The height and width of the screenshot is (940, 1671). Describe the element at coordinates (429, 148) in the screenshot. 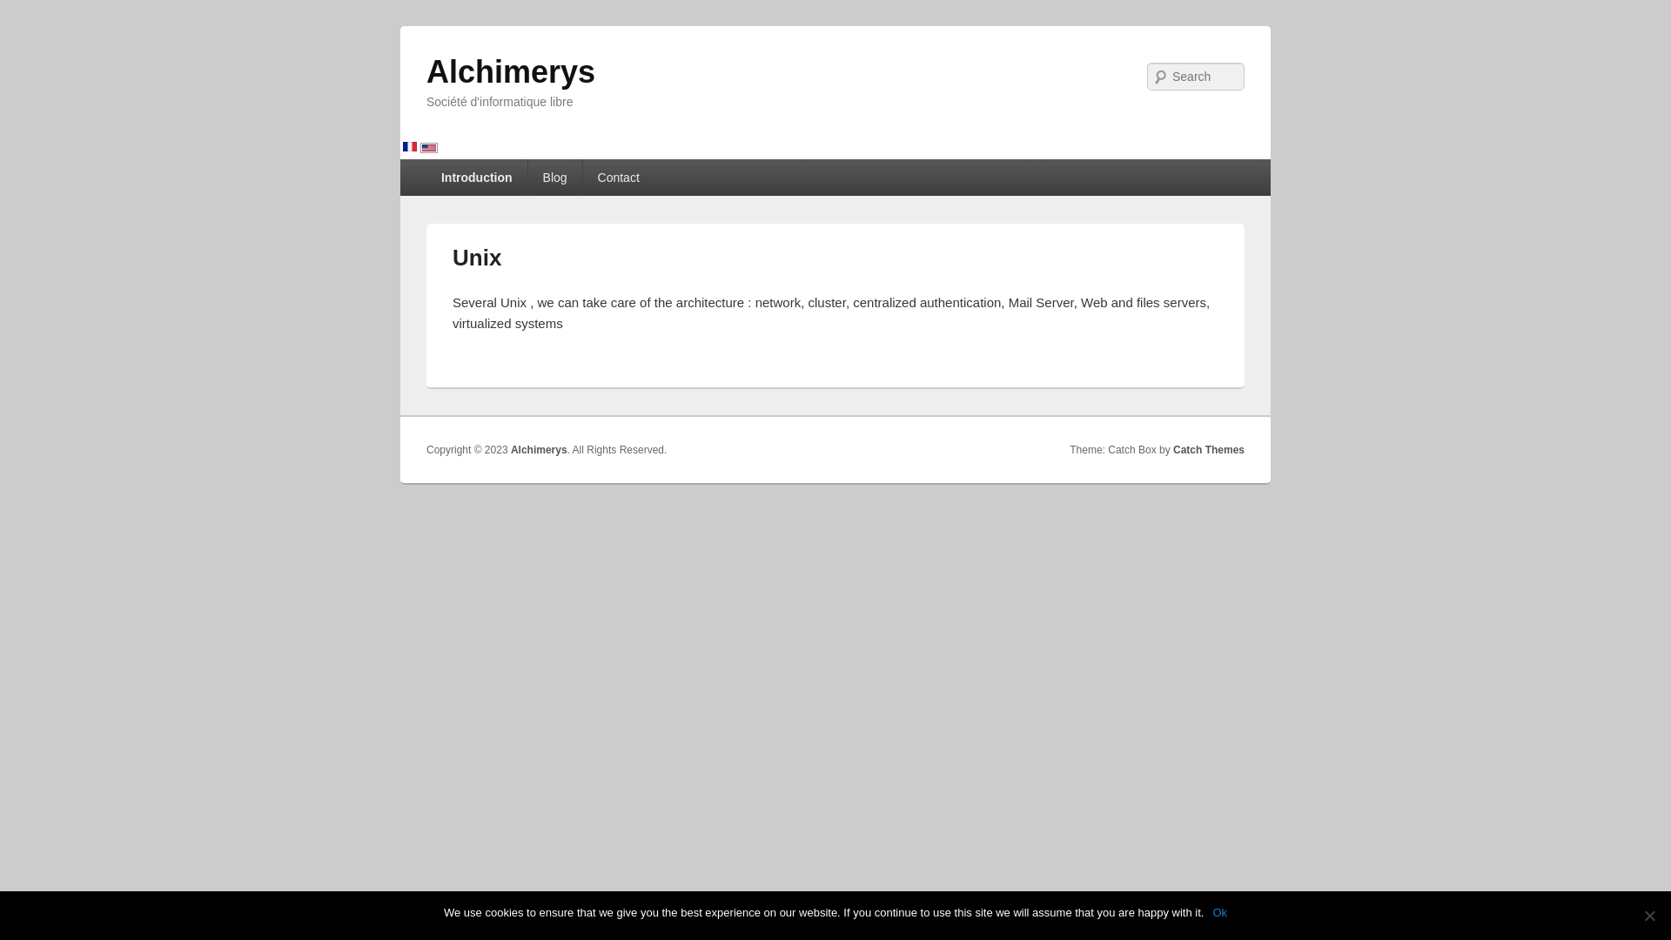

I see `'English'` at that location.